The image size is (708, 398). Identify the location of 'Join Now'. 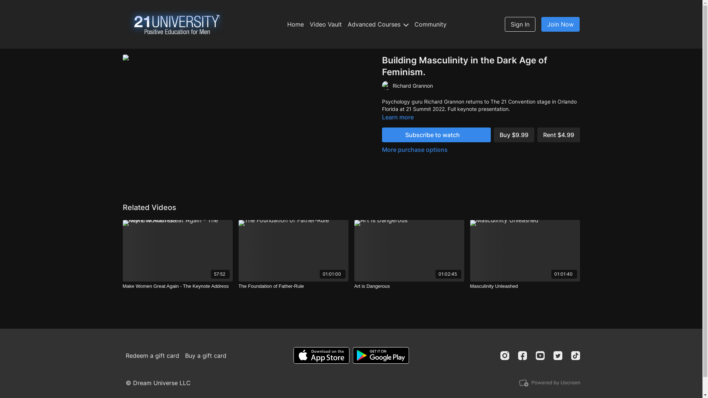
(560, 24).